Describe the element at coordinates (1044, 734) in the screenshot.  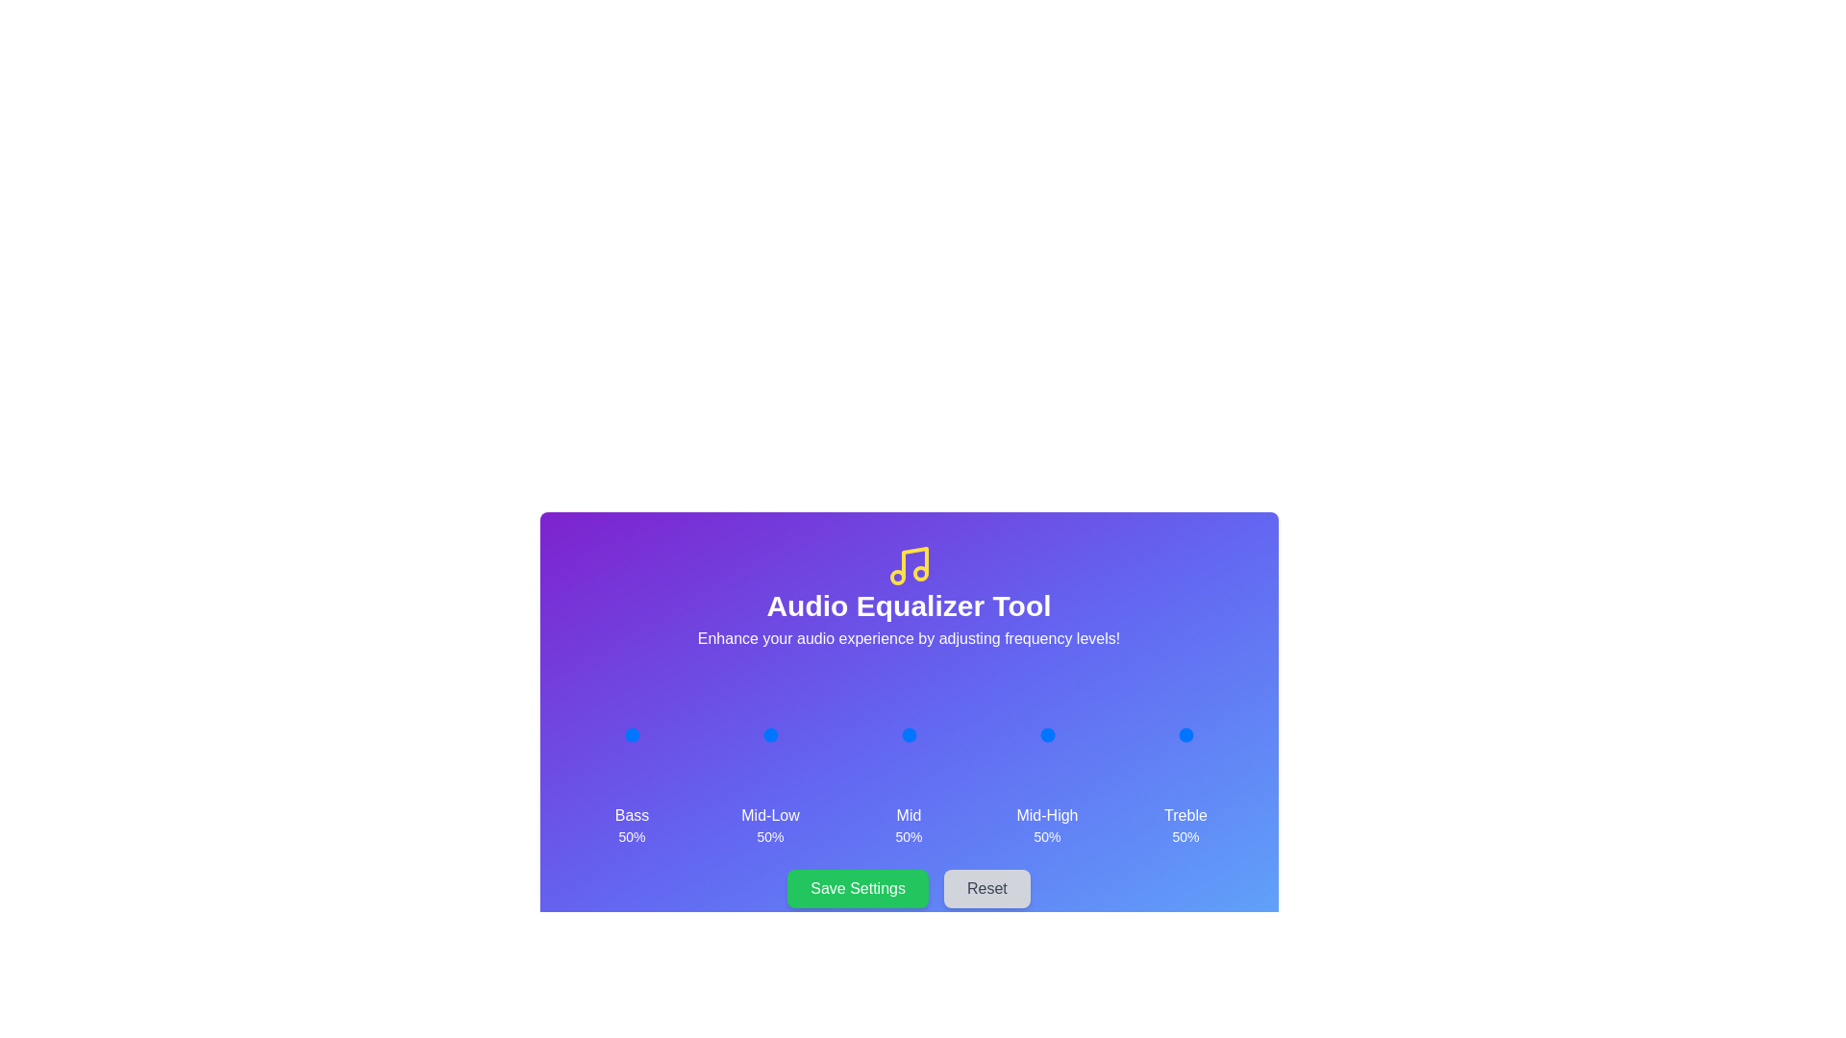
I see `the 3 slider to 47%` at that location.